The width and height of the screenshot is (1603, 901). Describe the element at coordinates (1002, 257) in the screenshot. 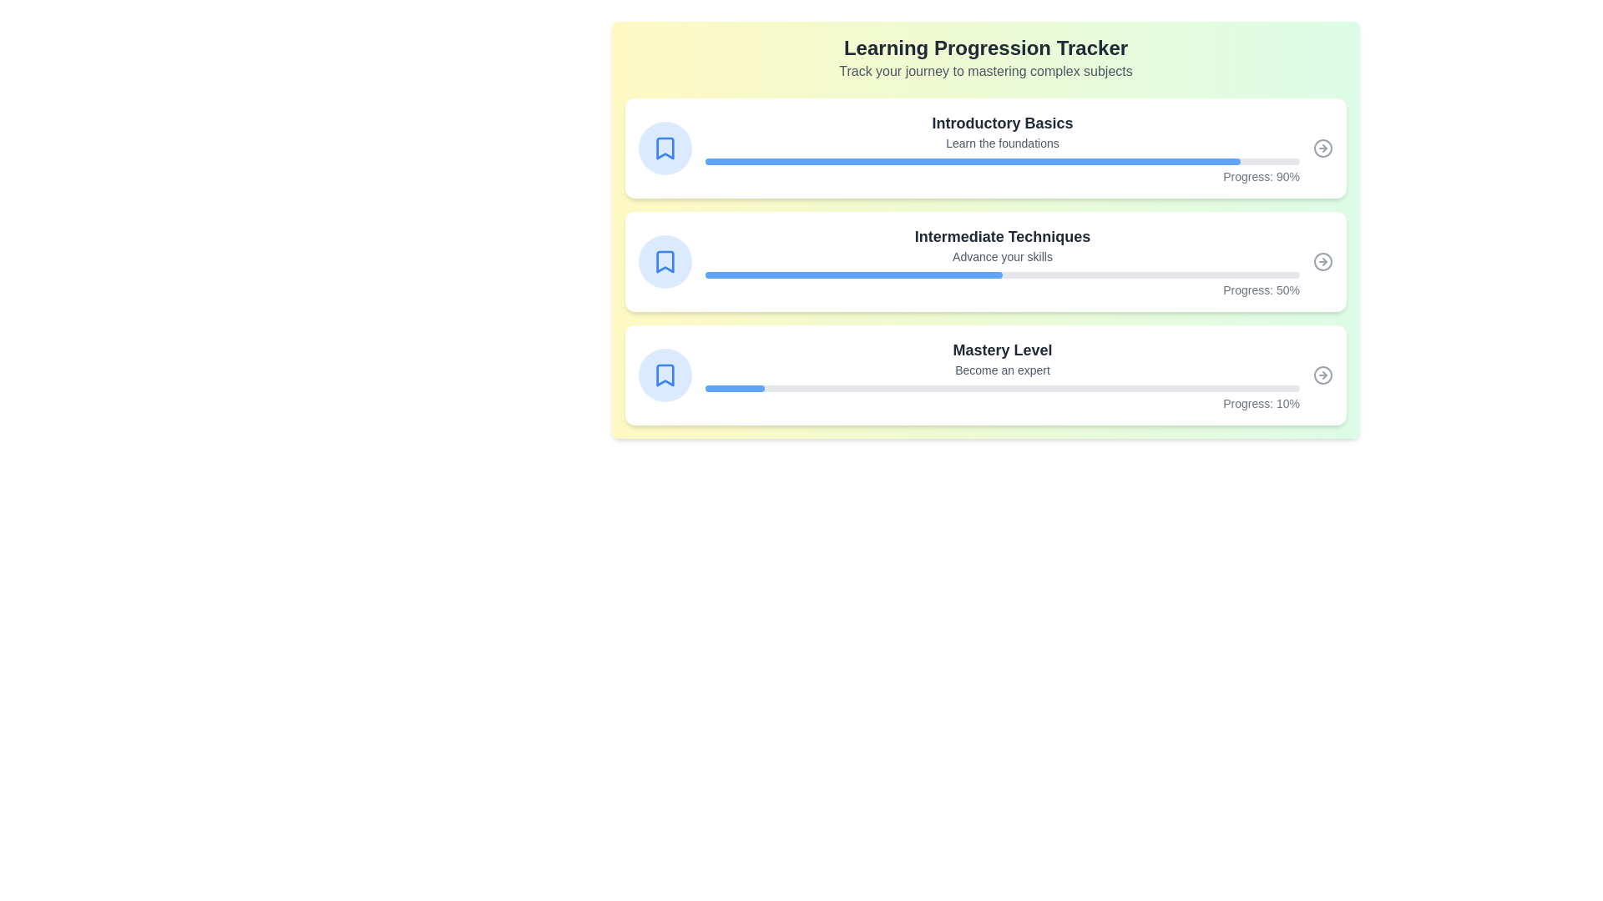

I see `the static text label that describes the section 'Intermediate Techniques', which is centrally aligned and positioned between the title 'Intermediate Techniques' and a progress bar indicating 'Progress: 50%'` at that location.